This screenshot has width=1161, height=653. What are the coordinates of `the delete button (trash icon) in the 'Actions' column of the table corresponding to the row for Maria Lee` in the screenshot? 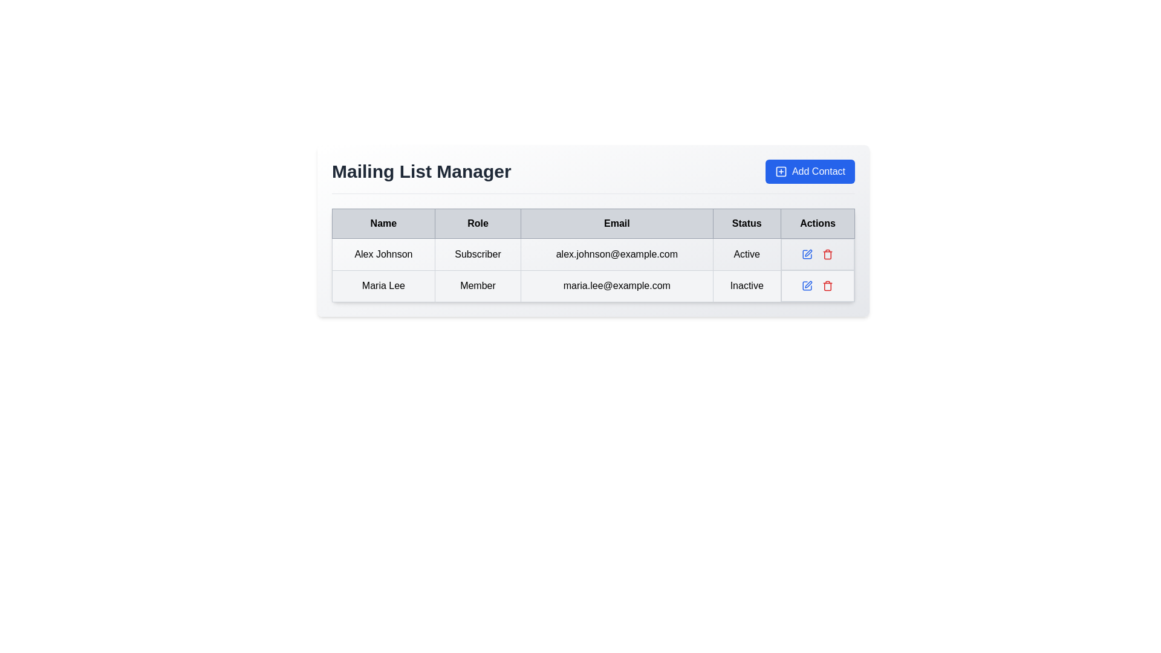 It's located at (827, 253).